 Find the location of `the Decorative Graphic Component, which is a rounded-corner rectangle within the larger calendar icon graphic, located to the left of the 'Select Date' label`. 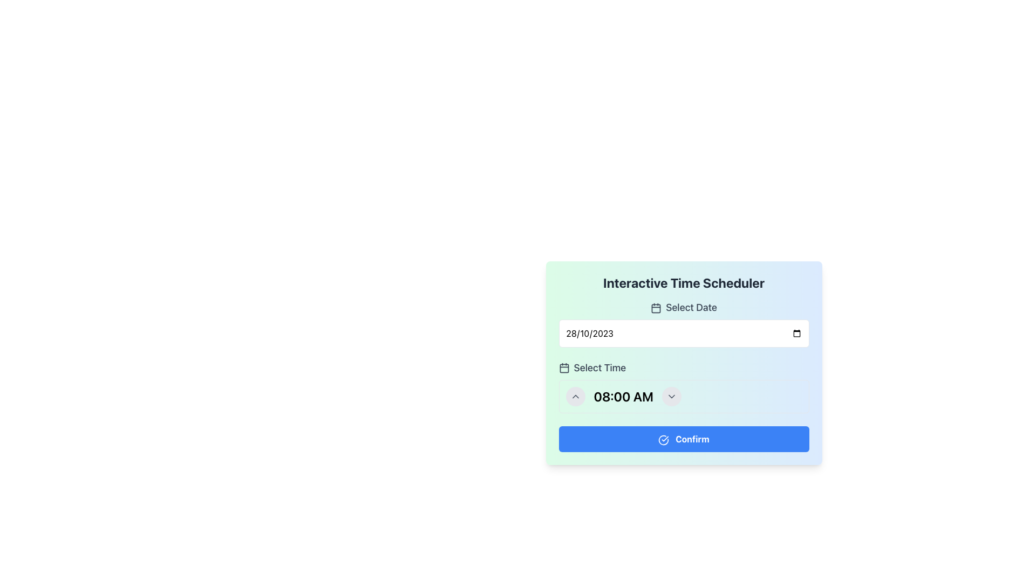

the Decorative Graphic Component, which is a rounded-corner rectangle within the larger calendar icon graphic, located to the left of the 'Select Date' label is located at coordinates (656, 309).